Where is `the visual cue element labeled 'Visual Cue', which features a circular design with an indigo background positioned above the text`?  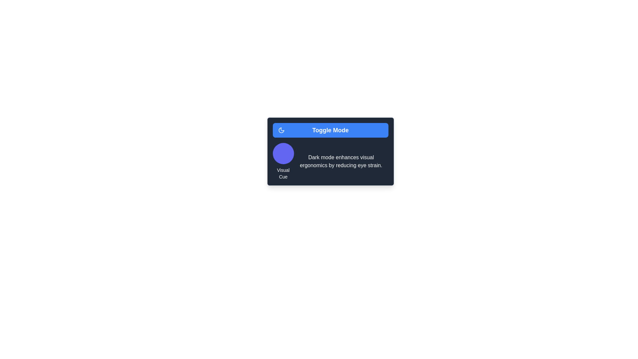
the visual cue element labeled 'Visual Cue', which features a circular design with an indigo background positioned above the text is located at coordinates (283, 162).